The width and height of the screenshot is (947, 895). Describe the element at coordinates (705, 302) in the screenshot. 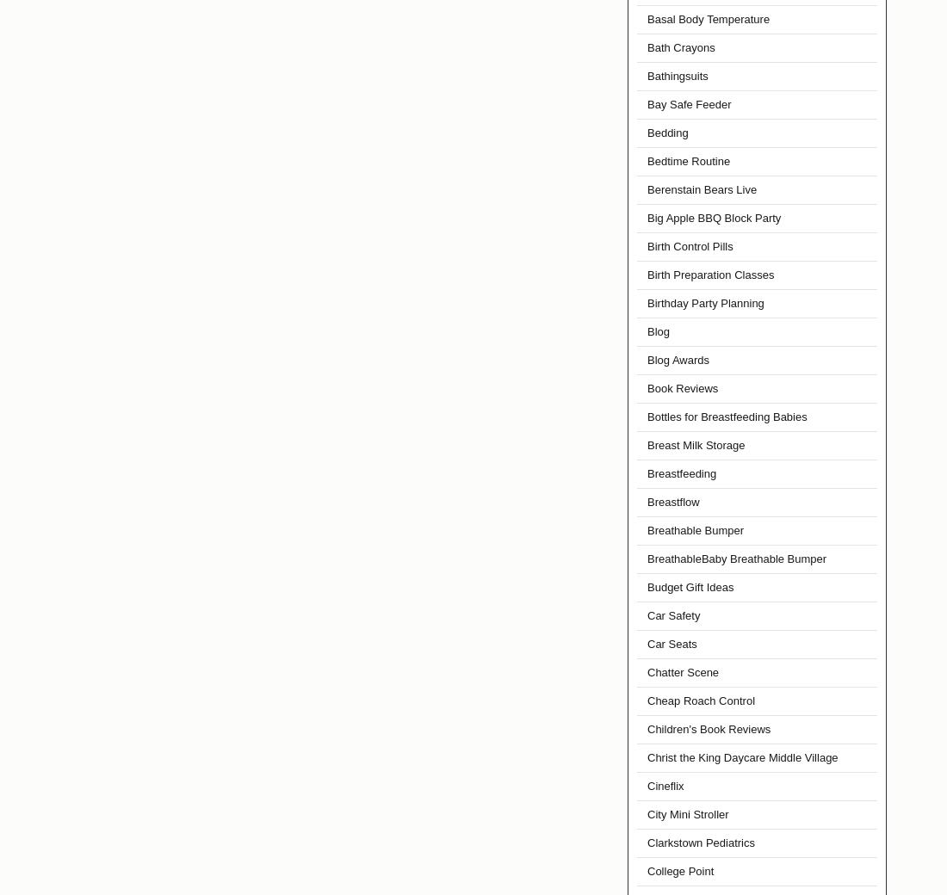

I see `'Birthday Party Planning'` at that location.